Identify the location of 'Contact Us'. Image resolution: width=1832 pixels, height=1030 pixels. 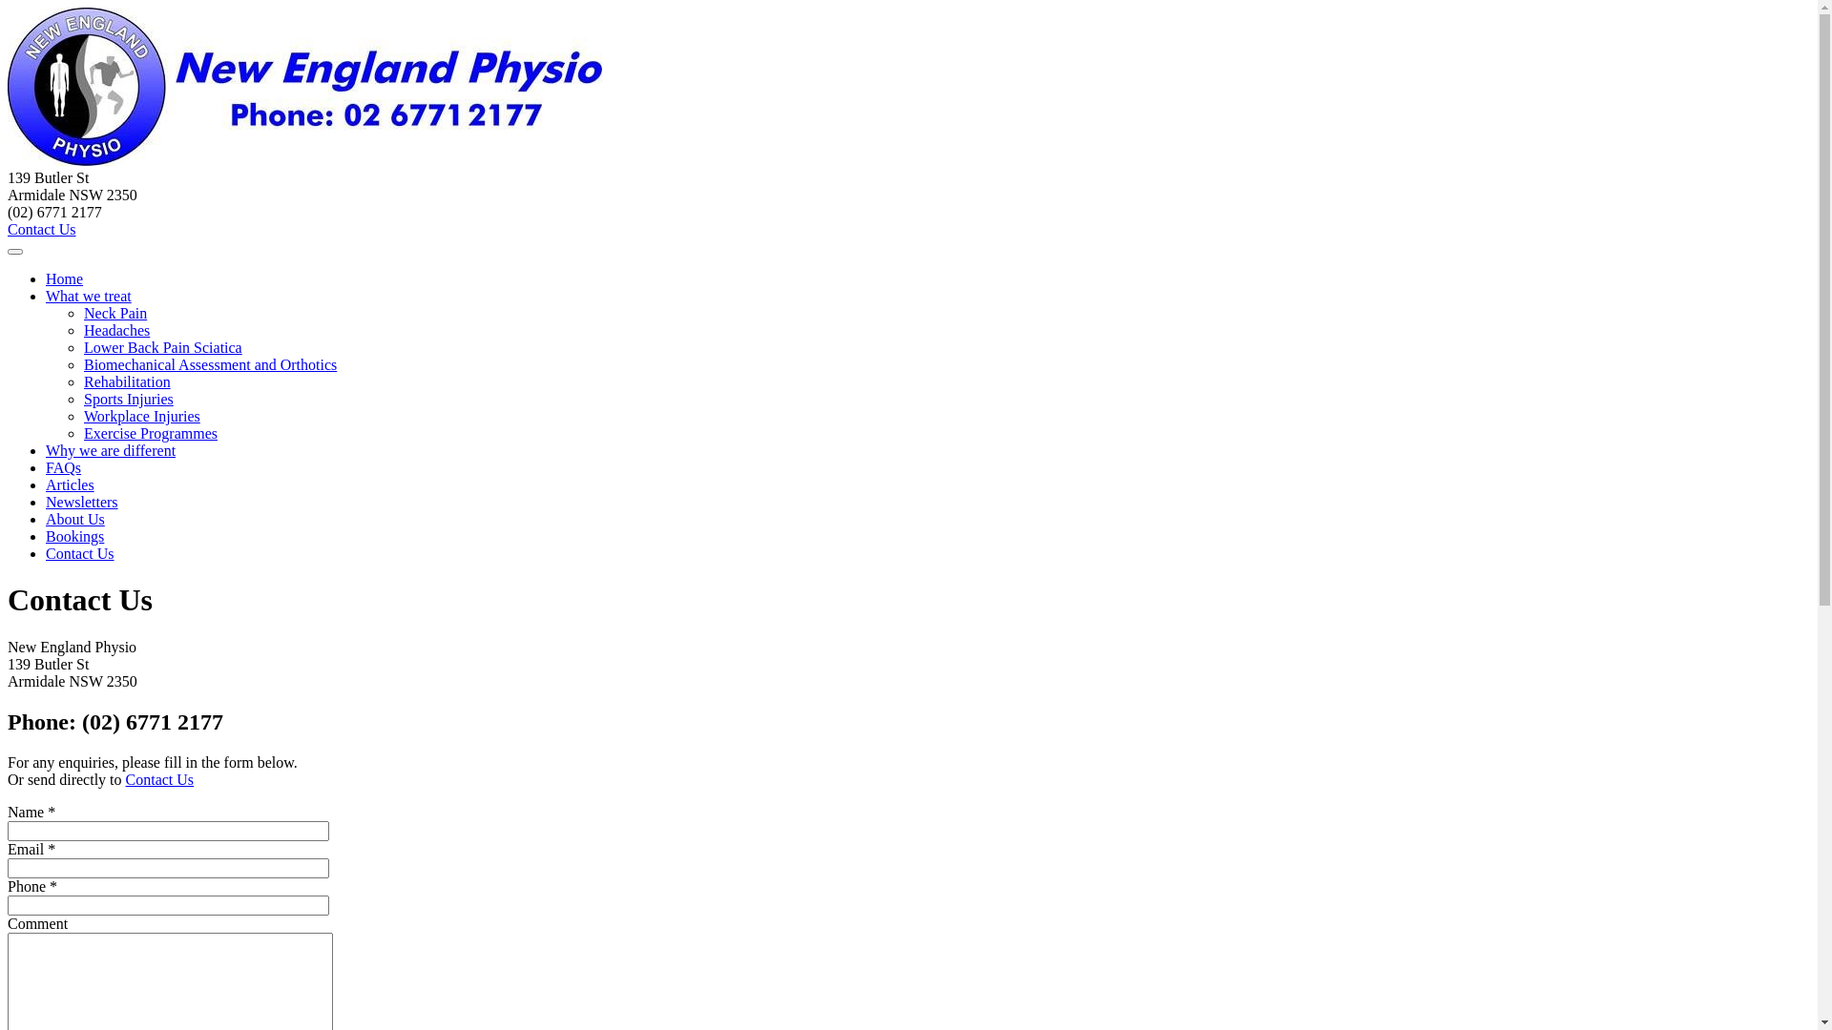
(8, 228).